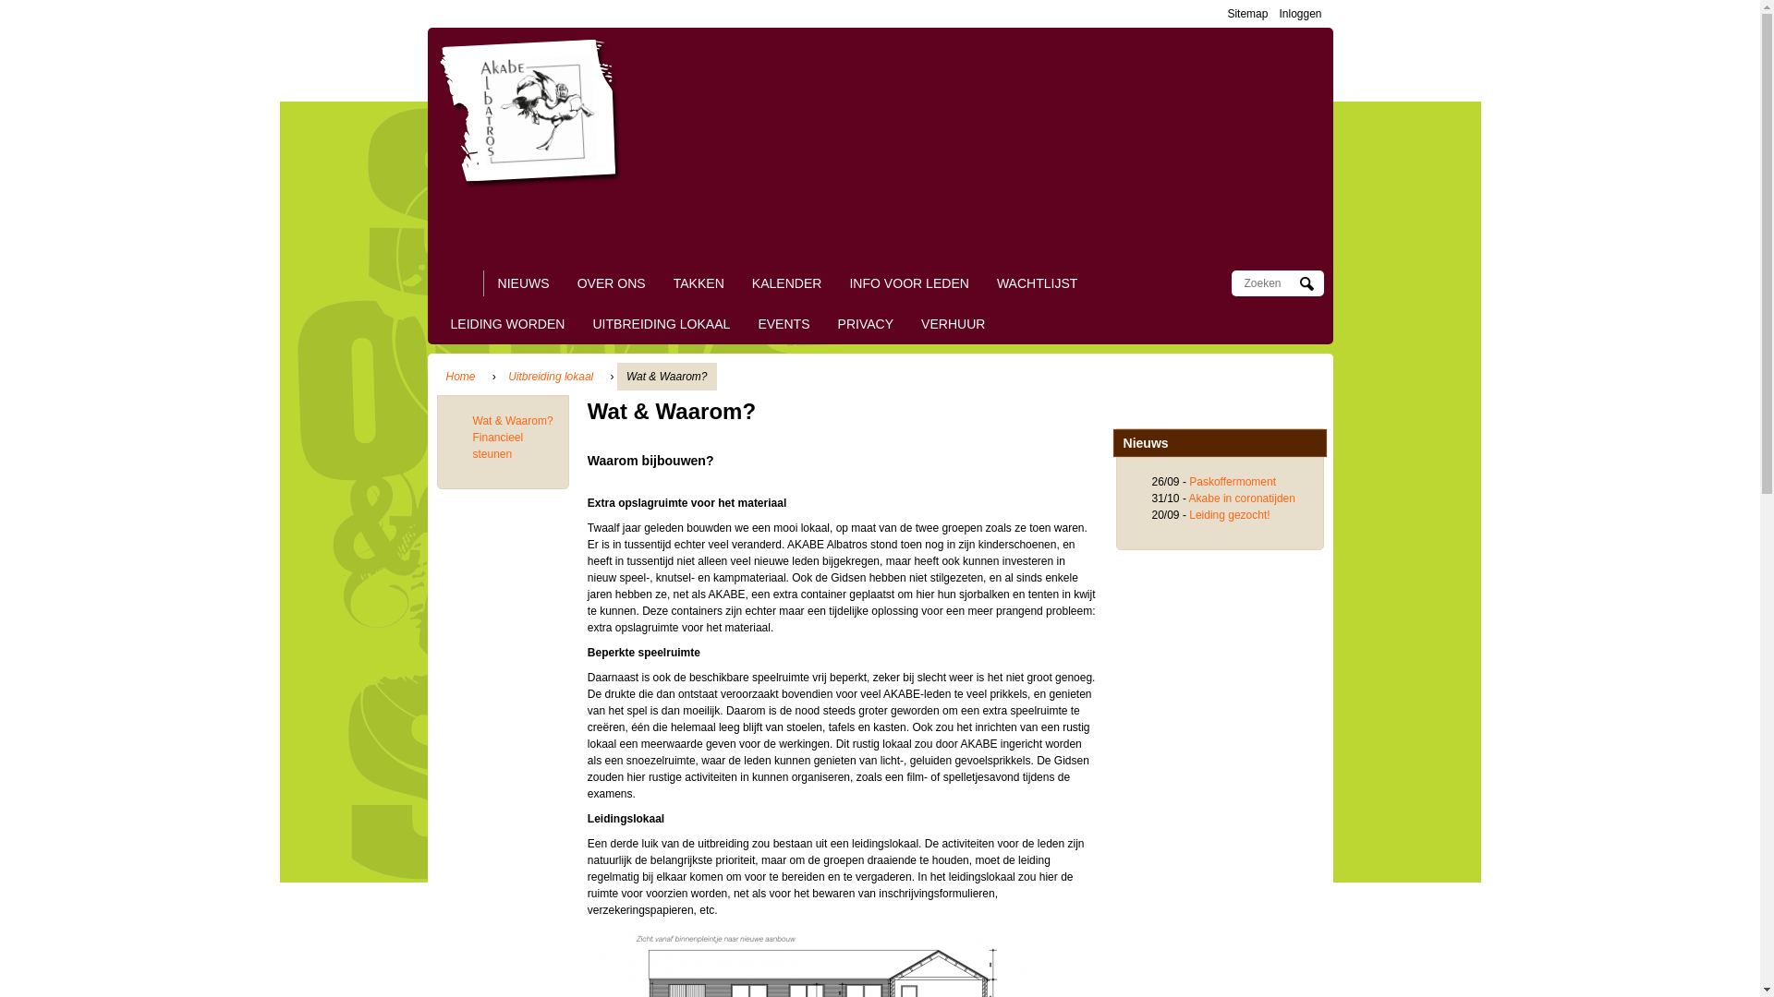  What do you see at coordinates (786, 283) in the screenshot?
I see `'KALENDER'` at bounding box center [786, 283].